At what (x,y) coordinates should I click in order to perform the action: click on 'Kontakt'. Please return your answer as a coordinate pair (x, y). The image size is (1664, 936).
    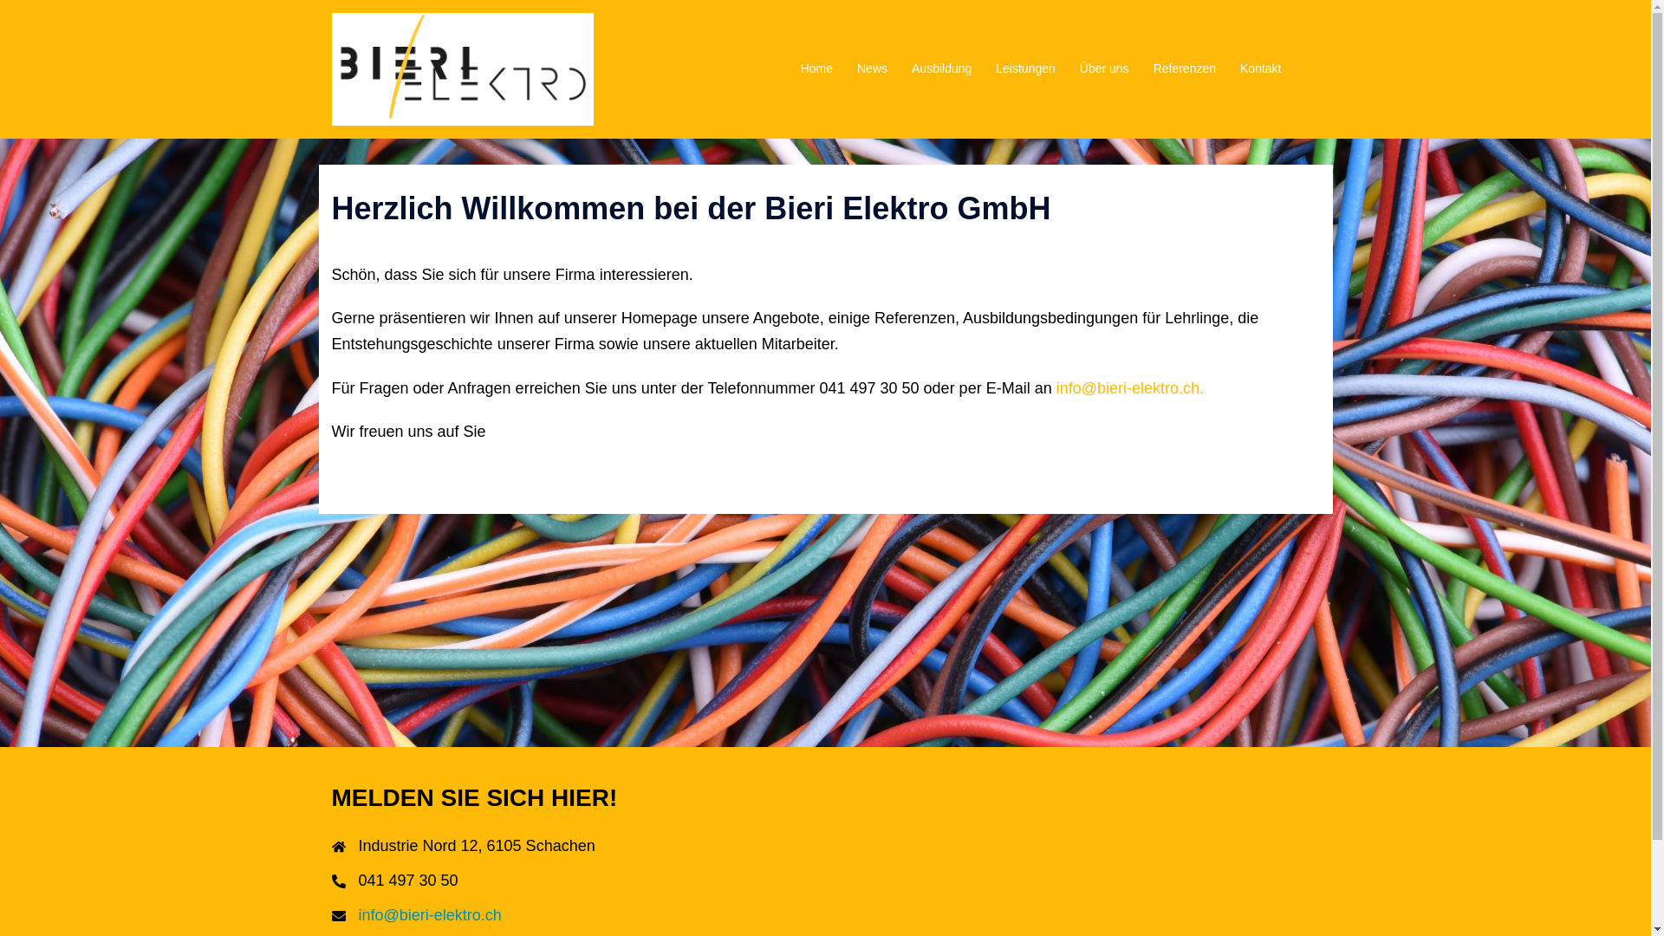
    Looking at the image, I should click on (1260, 68).